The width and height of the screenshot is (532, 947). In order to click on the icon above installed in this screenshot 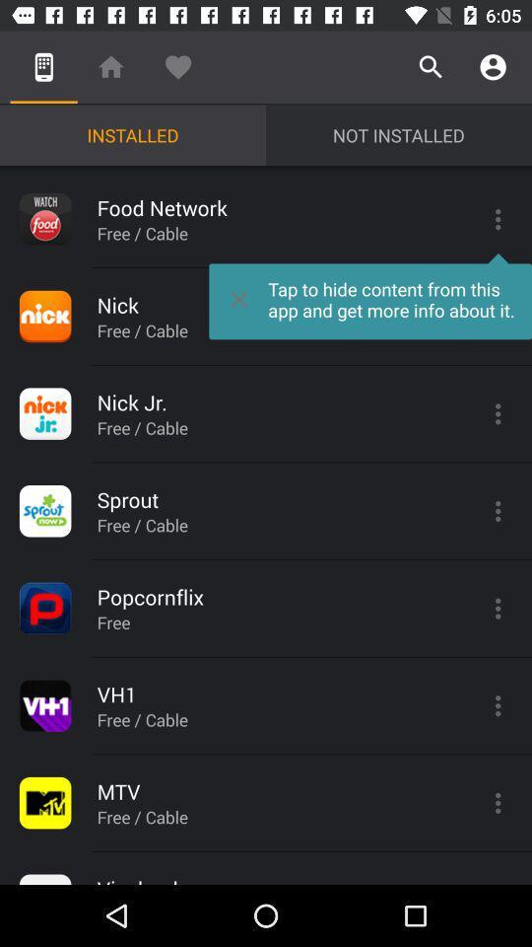, I will do `click(110, 67)`.